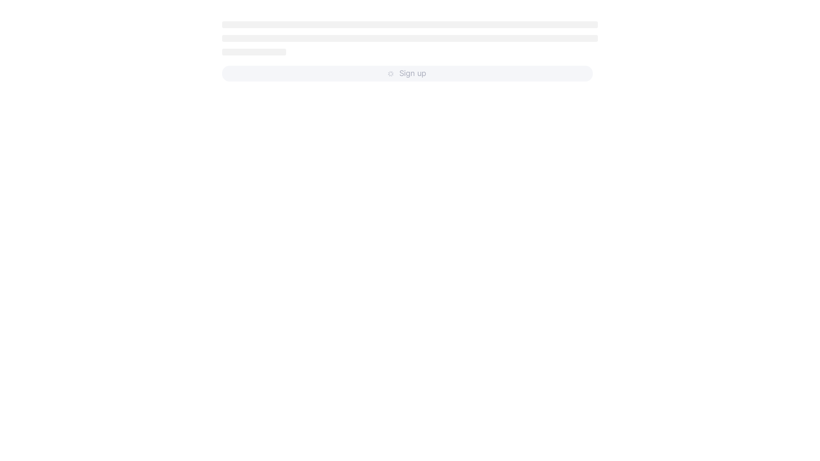 Image resolution: width=820 pixels, height=461 pixels. Describe the element at coordinates (407, 73) in the screenshot. I see `'Sign up'` at that location.